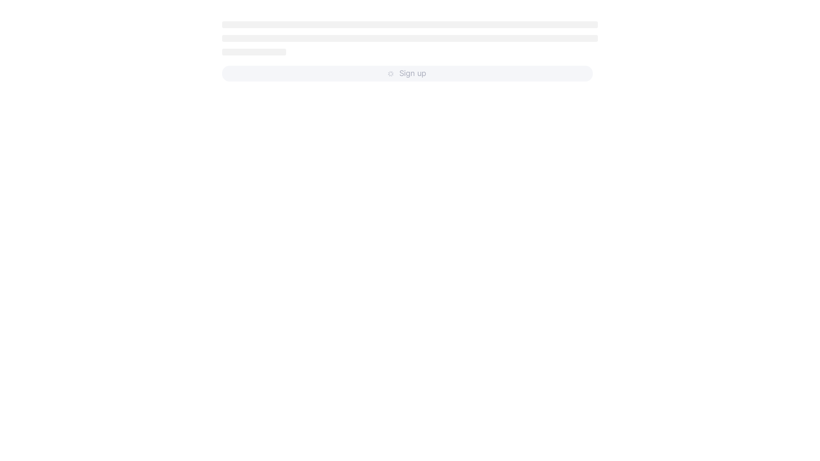 Image resolution: width=820 pixels, height=461 pixels. Describe the element at coordinates (407, 73) in the screenshot. I see `'Sign up'` at that location.